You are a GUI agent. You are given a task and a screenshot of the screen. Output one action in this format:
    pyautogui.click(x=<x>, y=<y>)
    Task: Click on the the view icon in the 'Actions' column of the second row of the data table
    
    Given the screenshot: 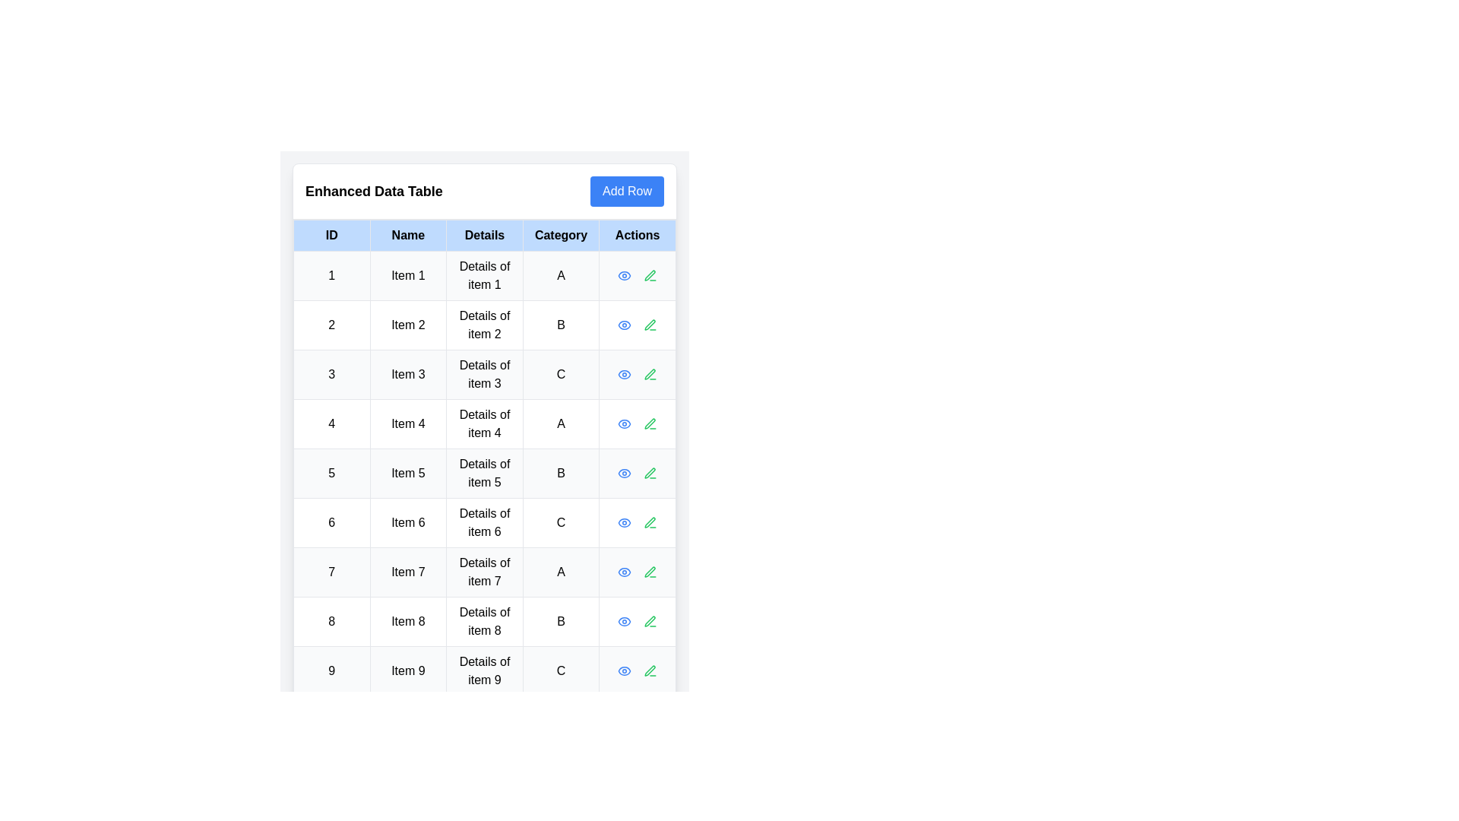 What is the action you would take?
    pyautogui.click(x=625, y=275)
    